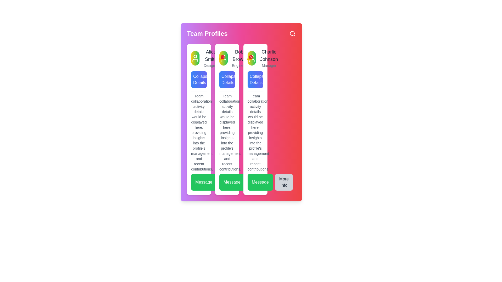 This screenshot has width=502, height=282. Describe the element at coordinates (260, 182) in the screenshot. I see `the 'Message' button, which is a rectangular button with rounded corners, bright green background, and white text` at that location.